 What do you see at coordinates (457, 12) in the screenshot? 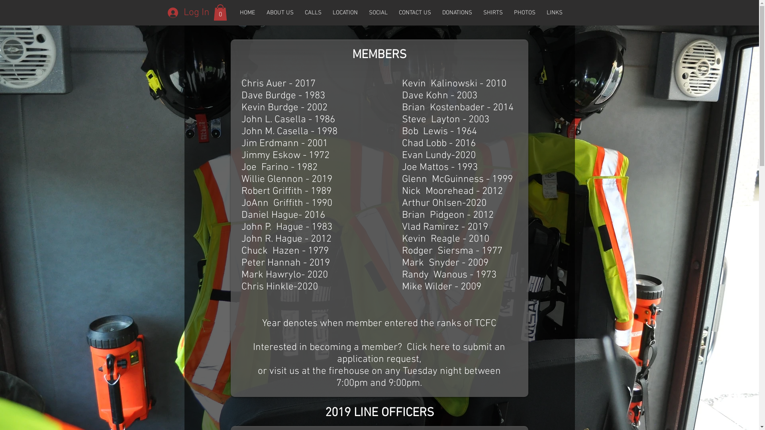
I see `'DONATIONS'` at bounding box center [457, 12].